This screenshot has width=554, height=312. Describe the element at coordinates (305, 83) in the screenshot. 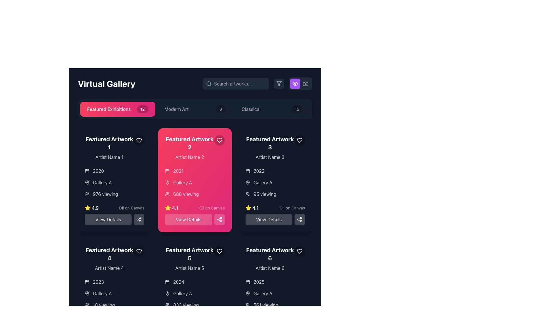

I see `the camera button located at the top-right corner of the interface, which is the second button in a horizontal arrangement of buttons` at that location.